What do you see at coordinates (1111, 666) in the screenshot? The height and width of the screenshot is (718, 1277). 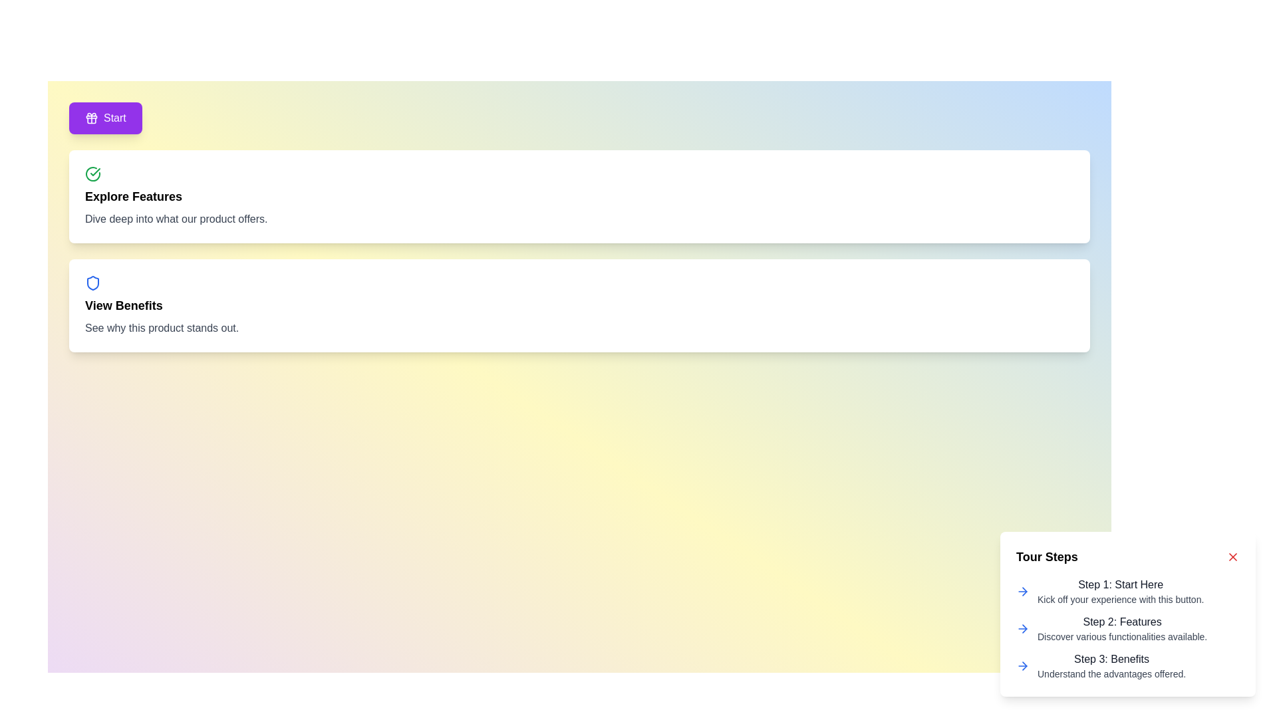 I see `the text block titled 'Step 3: Benefits' for accessibility navigation` at bounding box center [1111, 666].